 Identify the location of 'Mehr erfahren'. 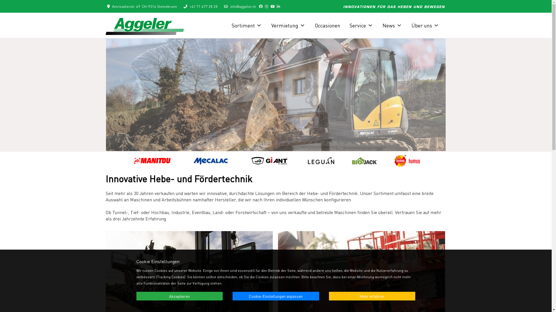
(372, 296).